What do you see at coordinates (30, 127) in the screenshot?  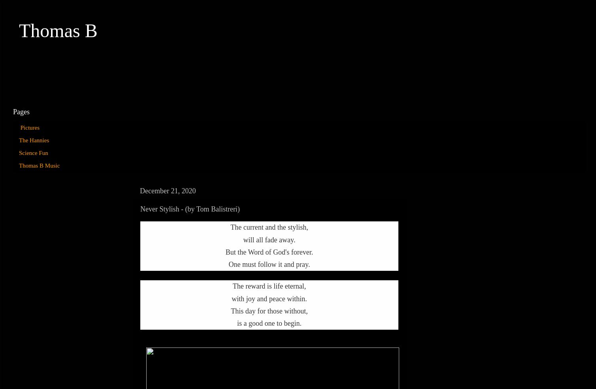 I see `'Pictures'` at bounding box center [30, 127].